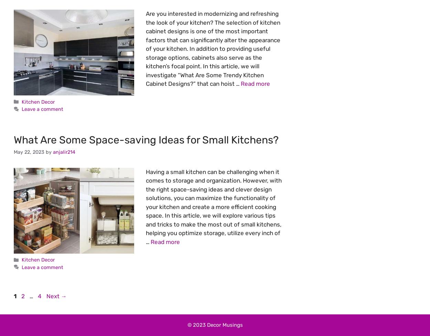 This screenshot has height=336, width=430. Describe the element at coordinates (146, 140) in the screenshot. I see `'What Are Some Space-saving Ideas for Small Kitchens?'` at that location.